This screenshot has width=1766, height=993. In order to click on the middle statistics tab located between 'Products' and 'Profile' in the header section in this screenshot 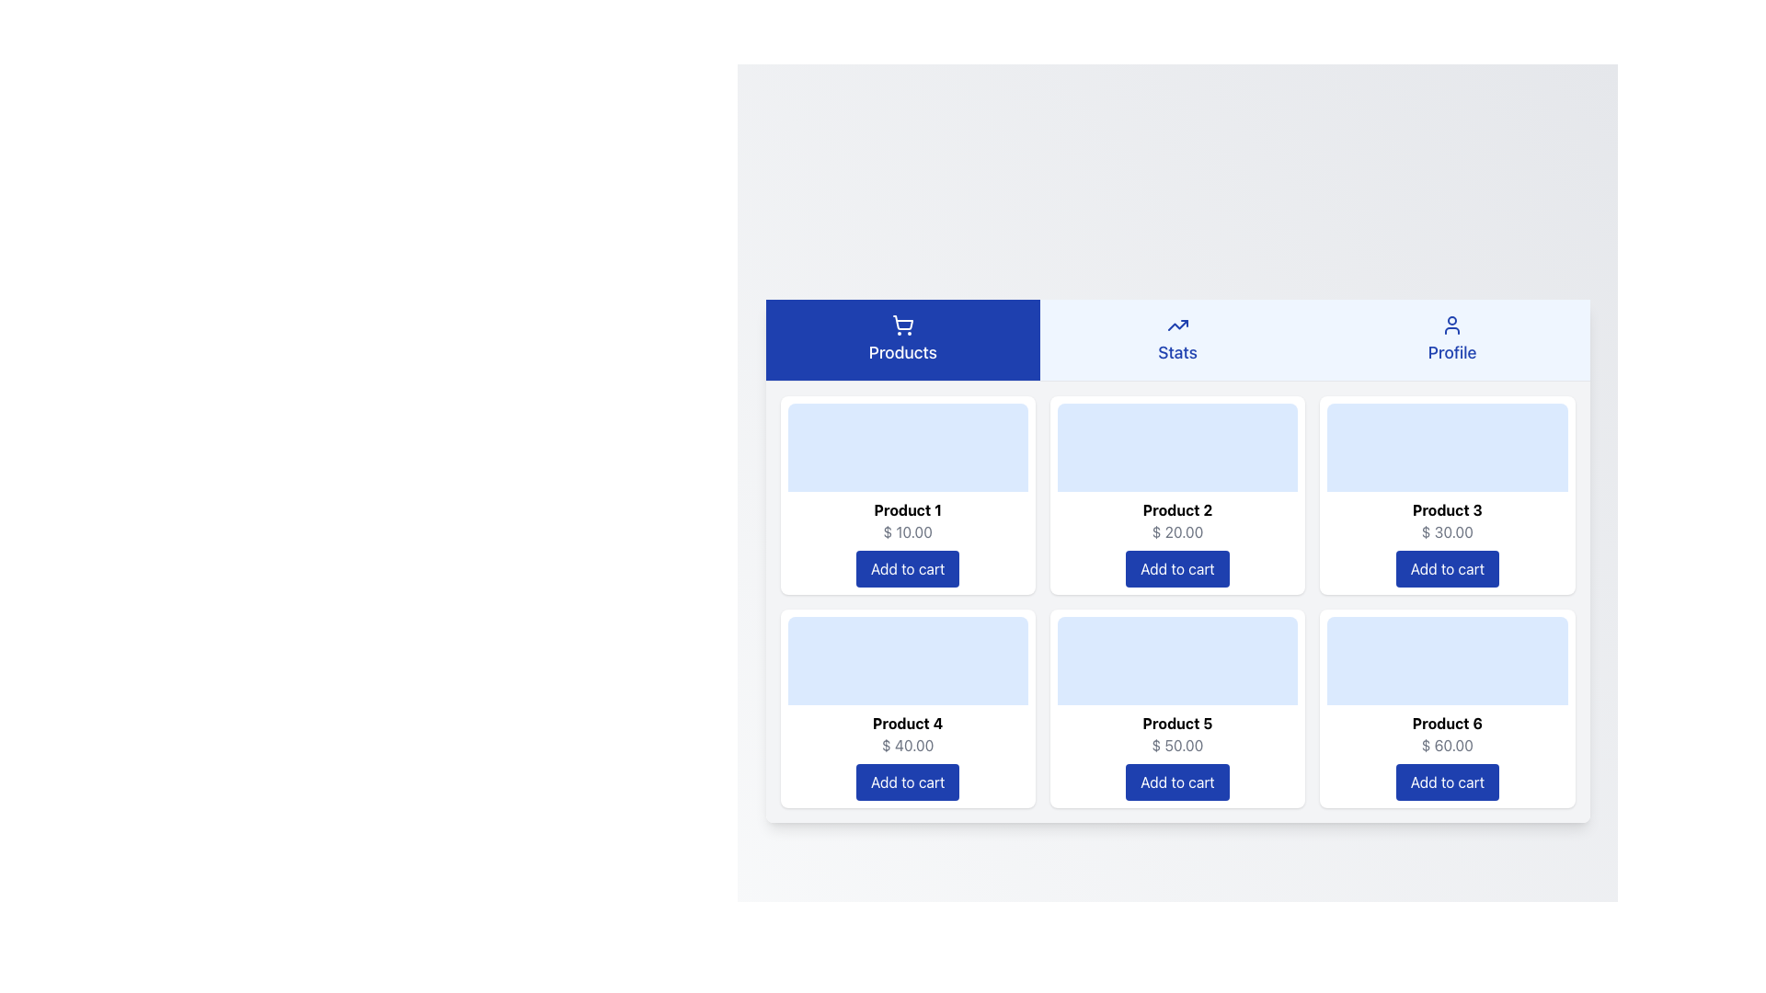, I will do `click(1177, 340)`.